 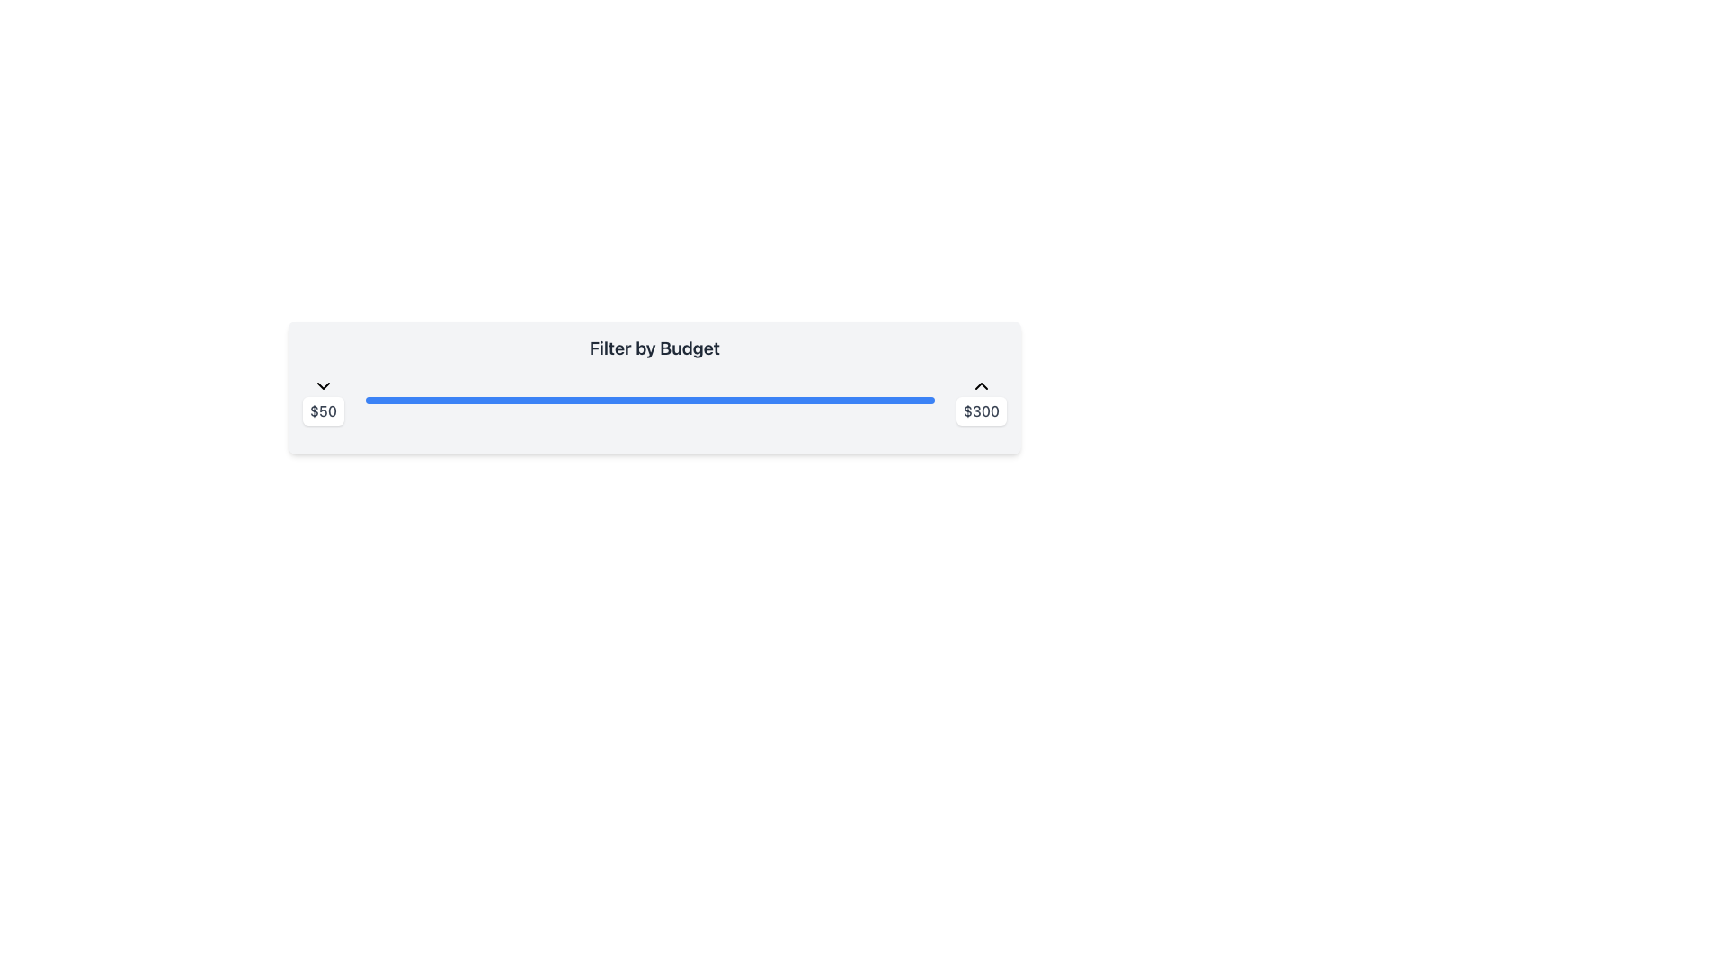 I want to click on the slider value, so click(x=811, y=400).